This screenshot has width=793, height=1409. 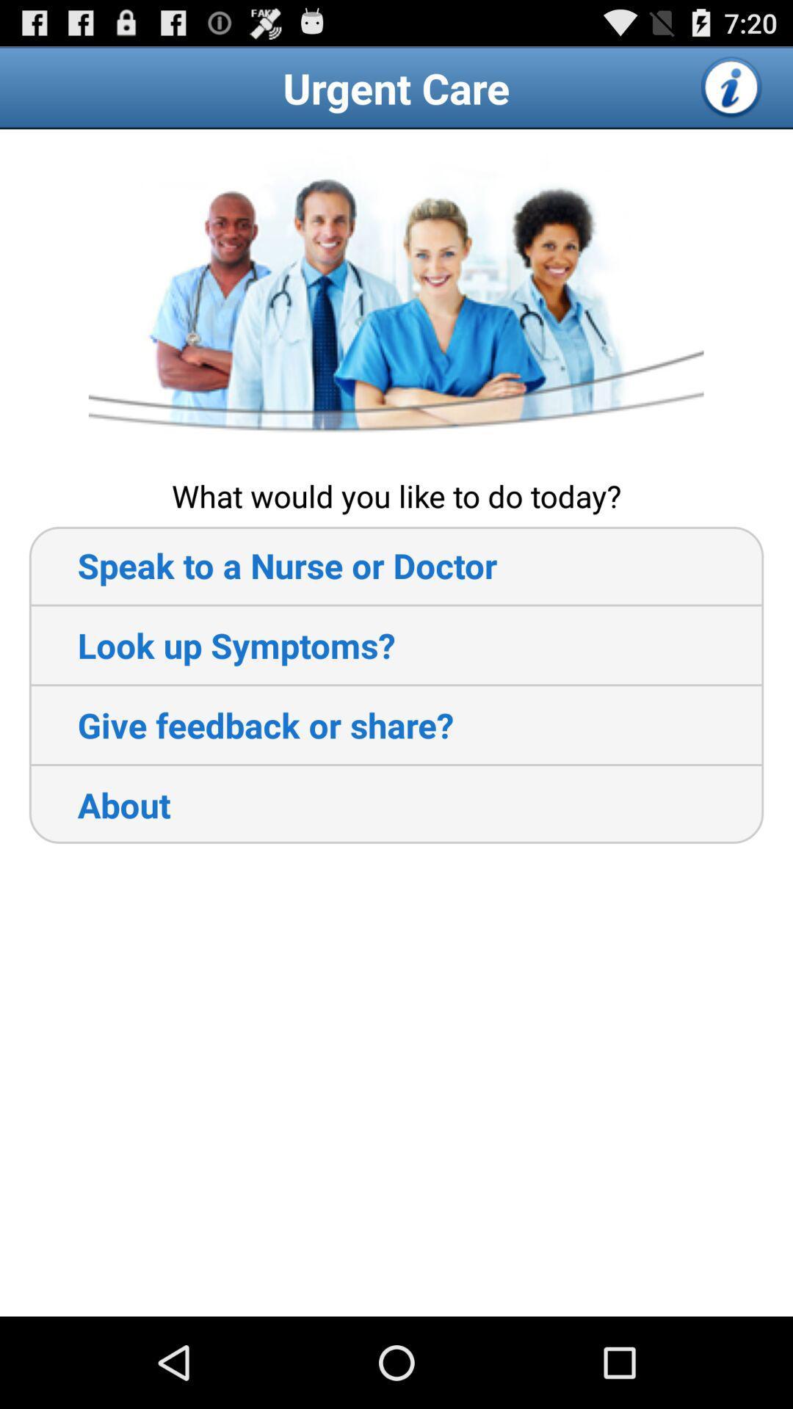 What do you see at coordinates (240, 725) in the screenshot?
I see `app above the about icon` at bounding box center [240, 725].